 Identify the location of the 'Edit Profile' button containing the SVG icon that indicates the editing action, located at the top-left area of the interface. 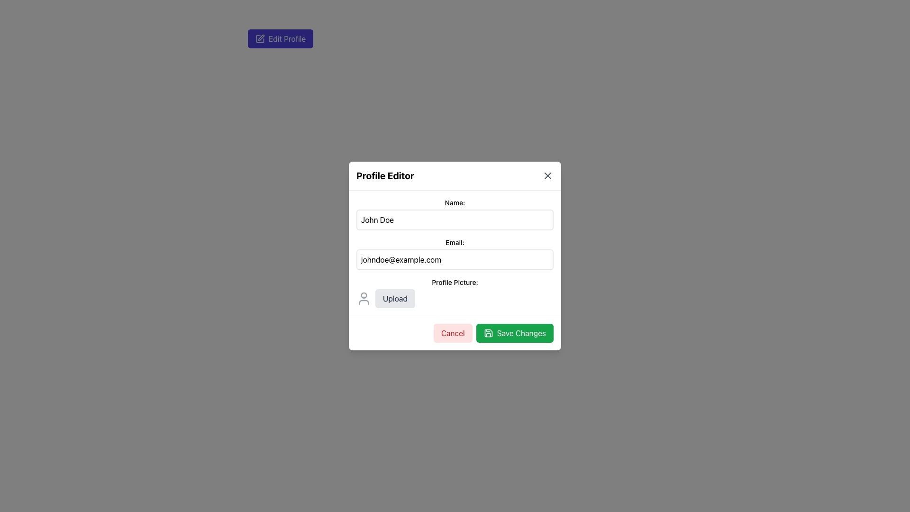
(260, 38).